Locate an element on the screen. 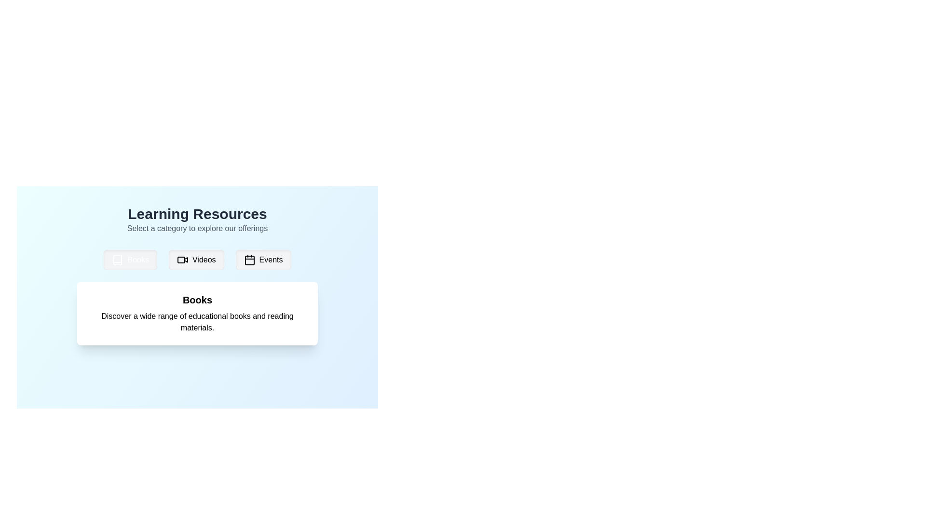 This screenshot has width=926, height=521. the 'Events' button, which is the third button from the left in the 'Learning Resources' section, to activate hover-related effects is located at coordinates (263, 260).